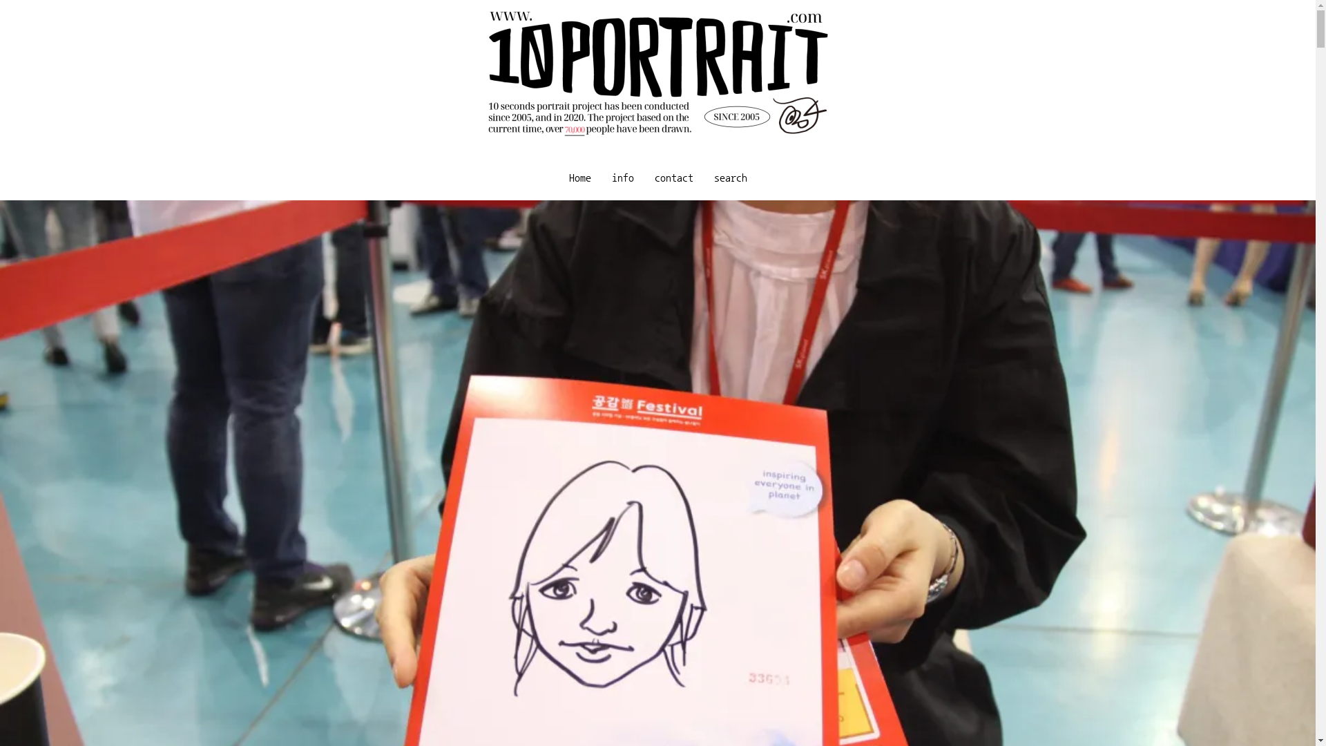 This screenshot has width=1326, height=746. What do you see at coordinates (557, 177) in the screenshot?
I see `'Home'` at bounding box center [557, 177].